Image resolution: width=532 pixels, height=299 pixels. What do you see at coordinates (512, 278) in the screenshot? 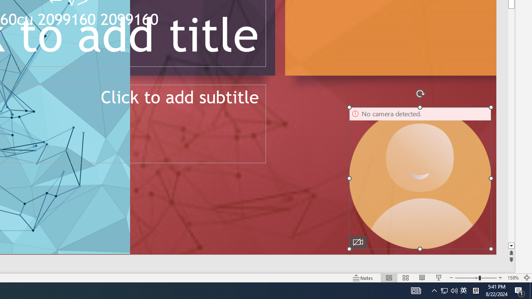
I see `'Zoom 158%'` at bounding box center [512, 278].